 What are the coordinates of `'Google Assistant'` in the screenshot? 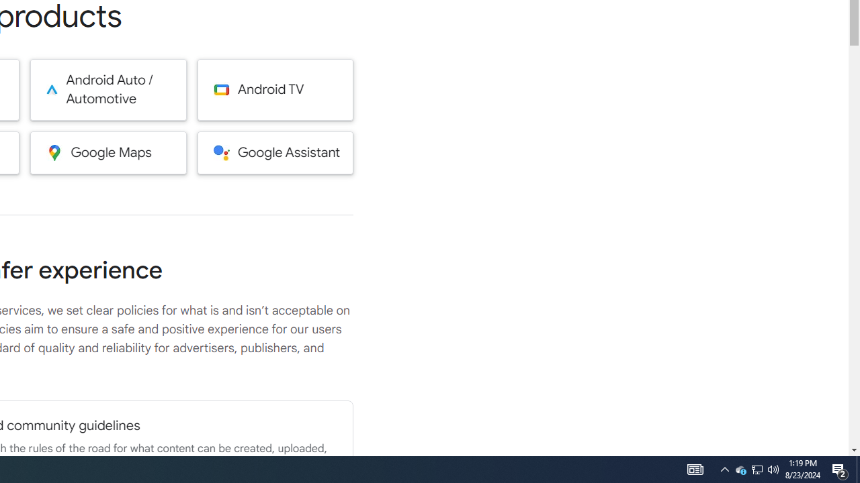 It's located at (275, 152).